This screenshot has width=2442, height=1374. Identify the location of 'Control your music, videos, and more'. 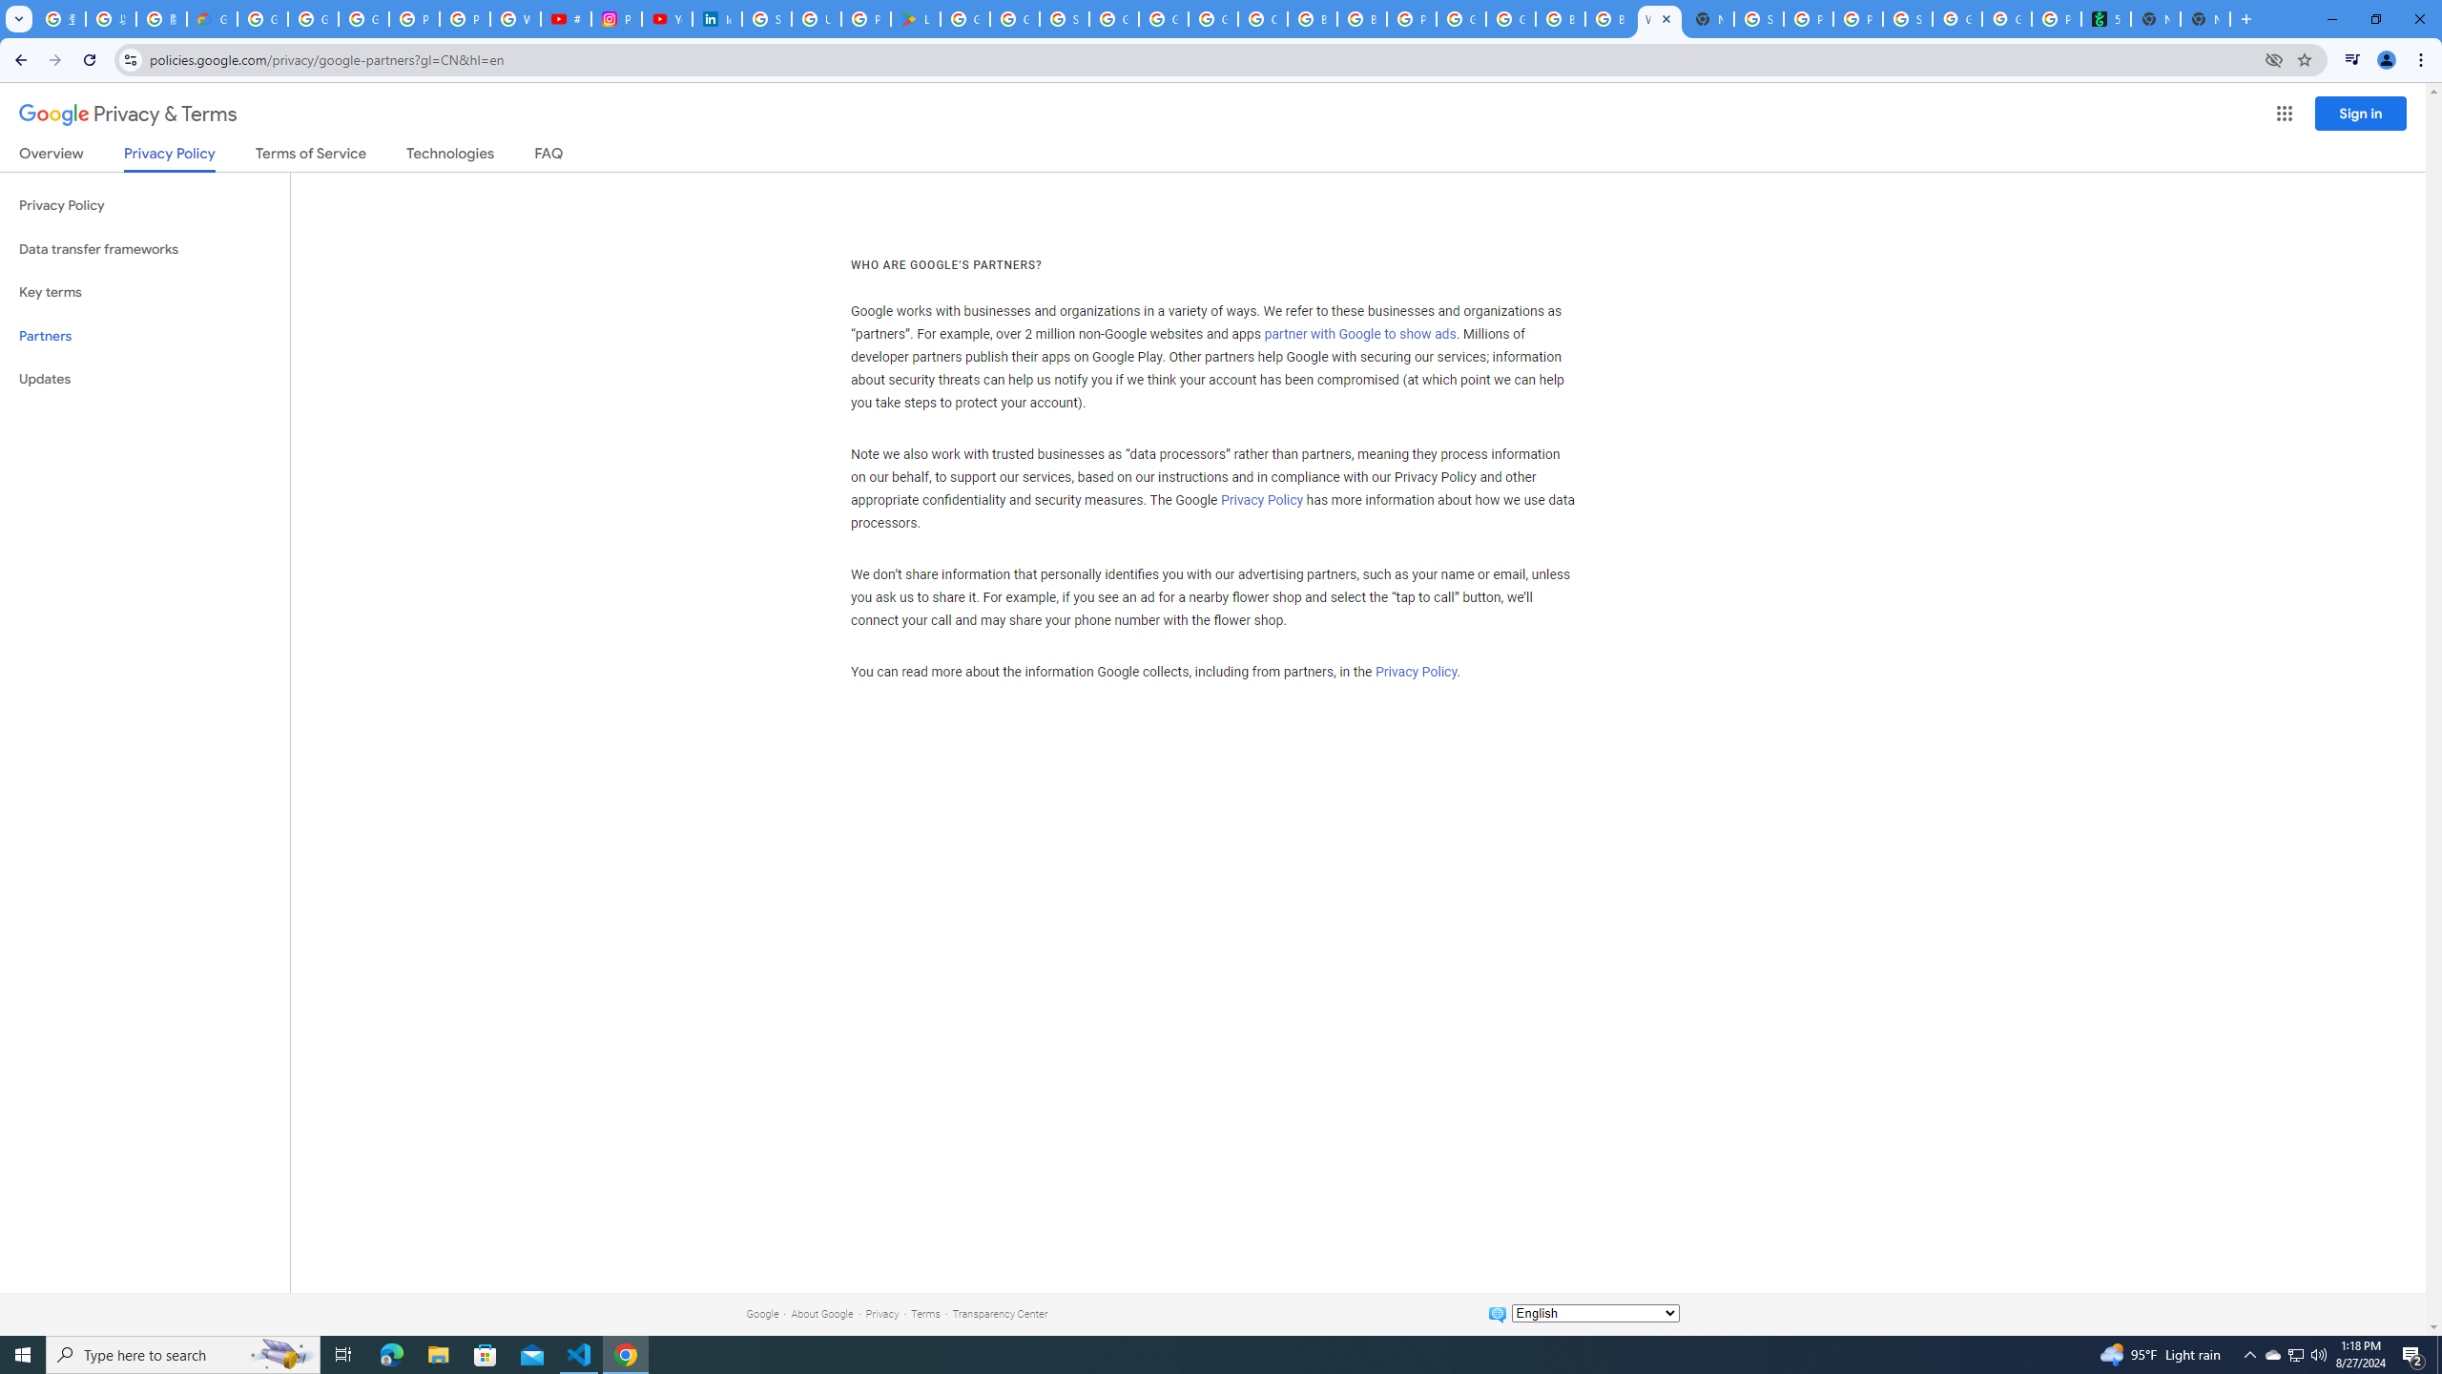
(2352, 59).